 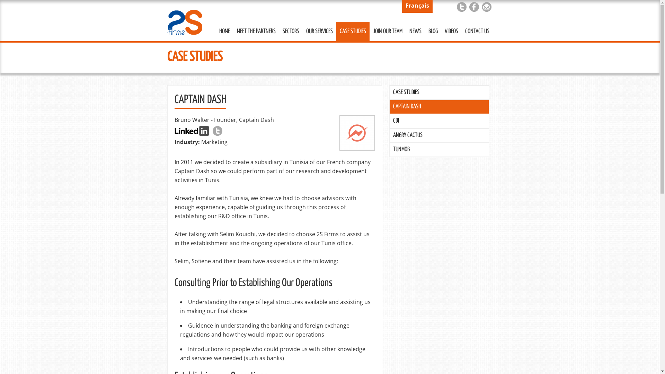 I want to click on 'http://www.linkedin.com/in/brunowalther', so click(x=192, y=131).